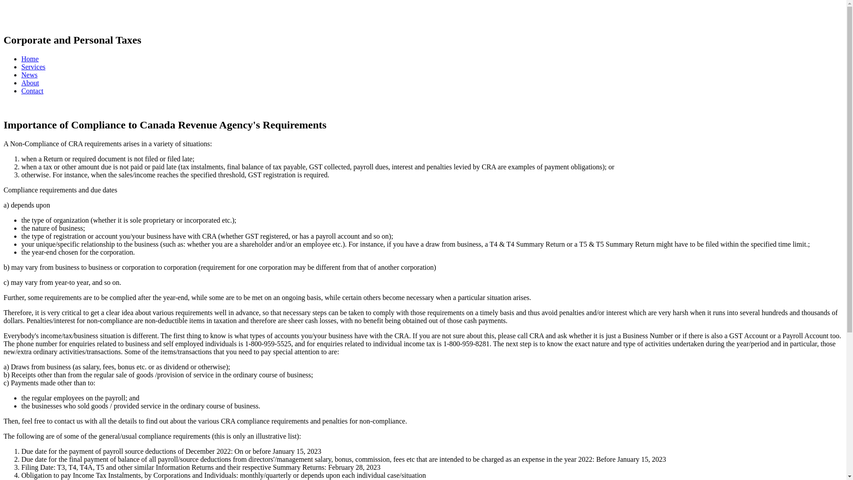  Describe the element at coordinates (21, 74) in the screenshot. I see `'News'` at that location.